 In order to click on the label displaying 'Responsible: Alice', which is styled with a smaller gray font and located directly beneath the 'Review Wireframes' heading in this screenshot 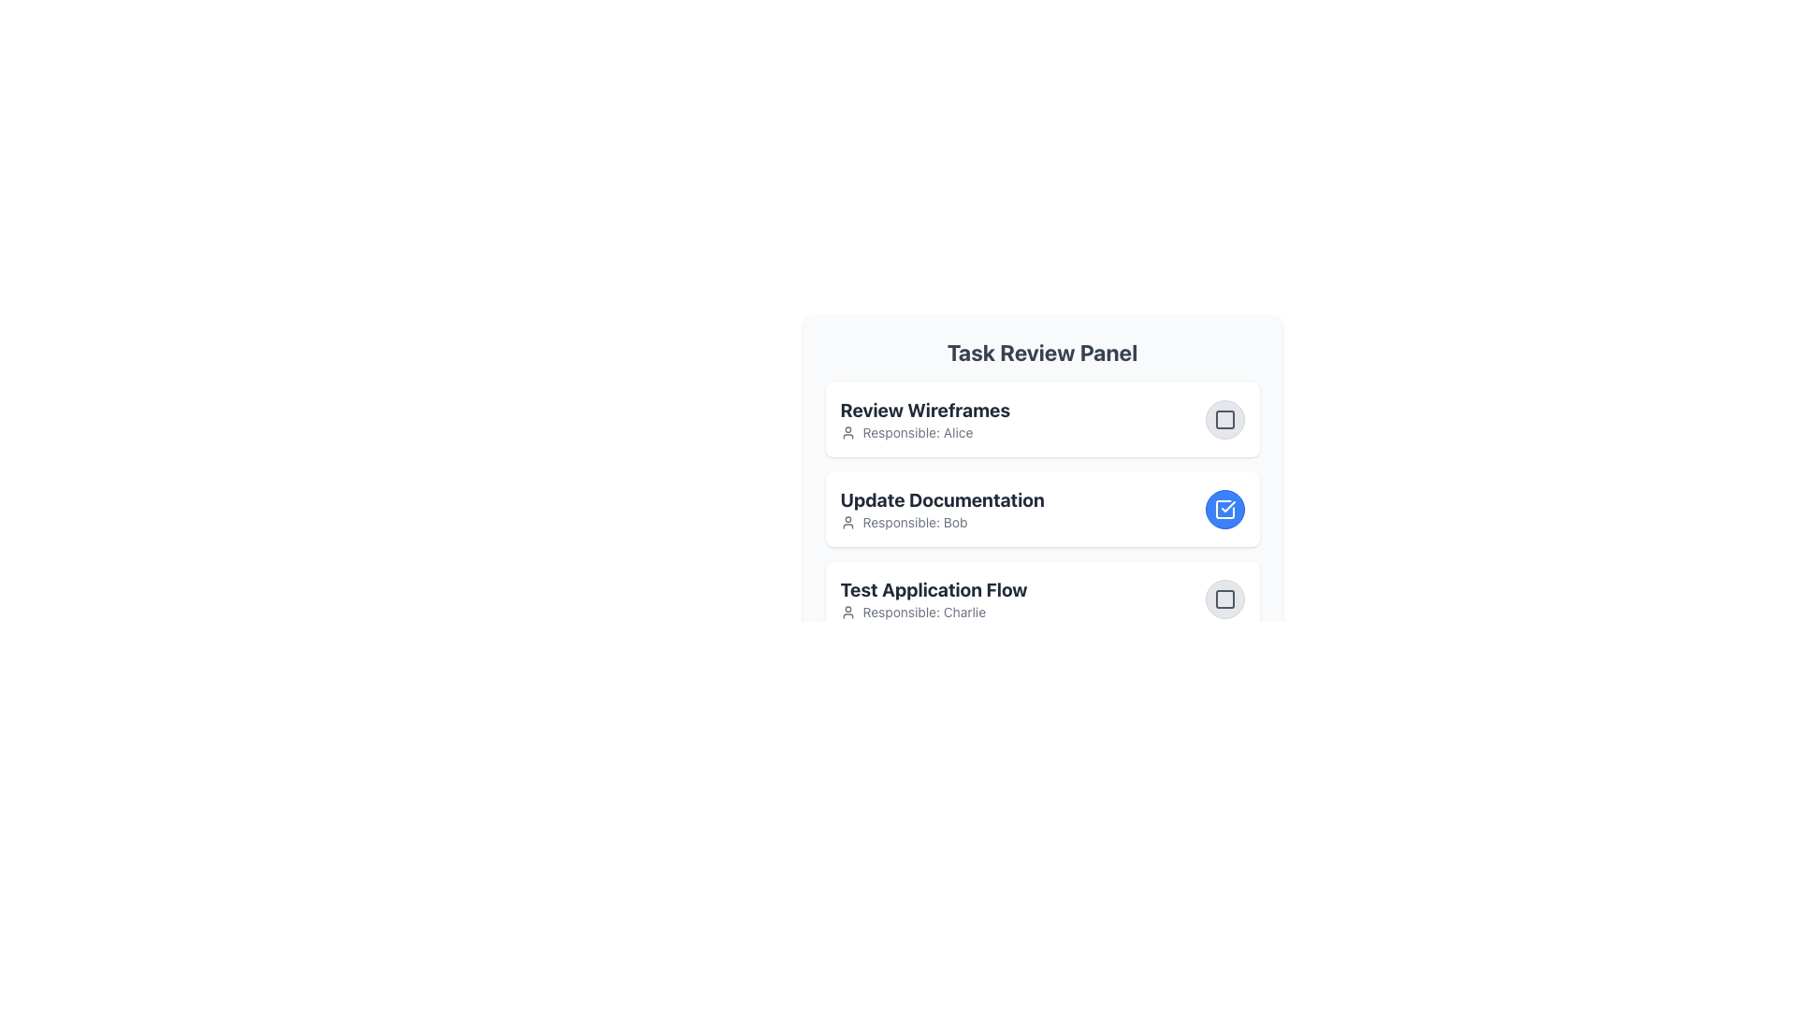, I will do `click(925, 432)`.